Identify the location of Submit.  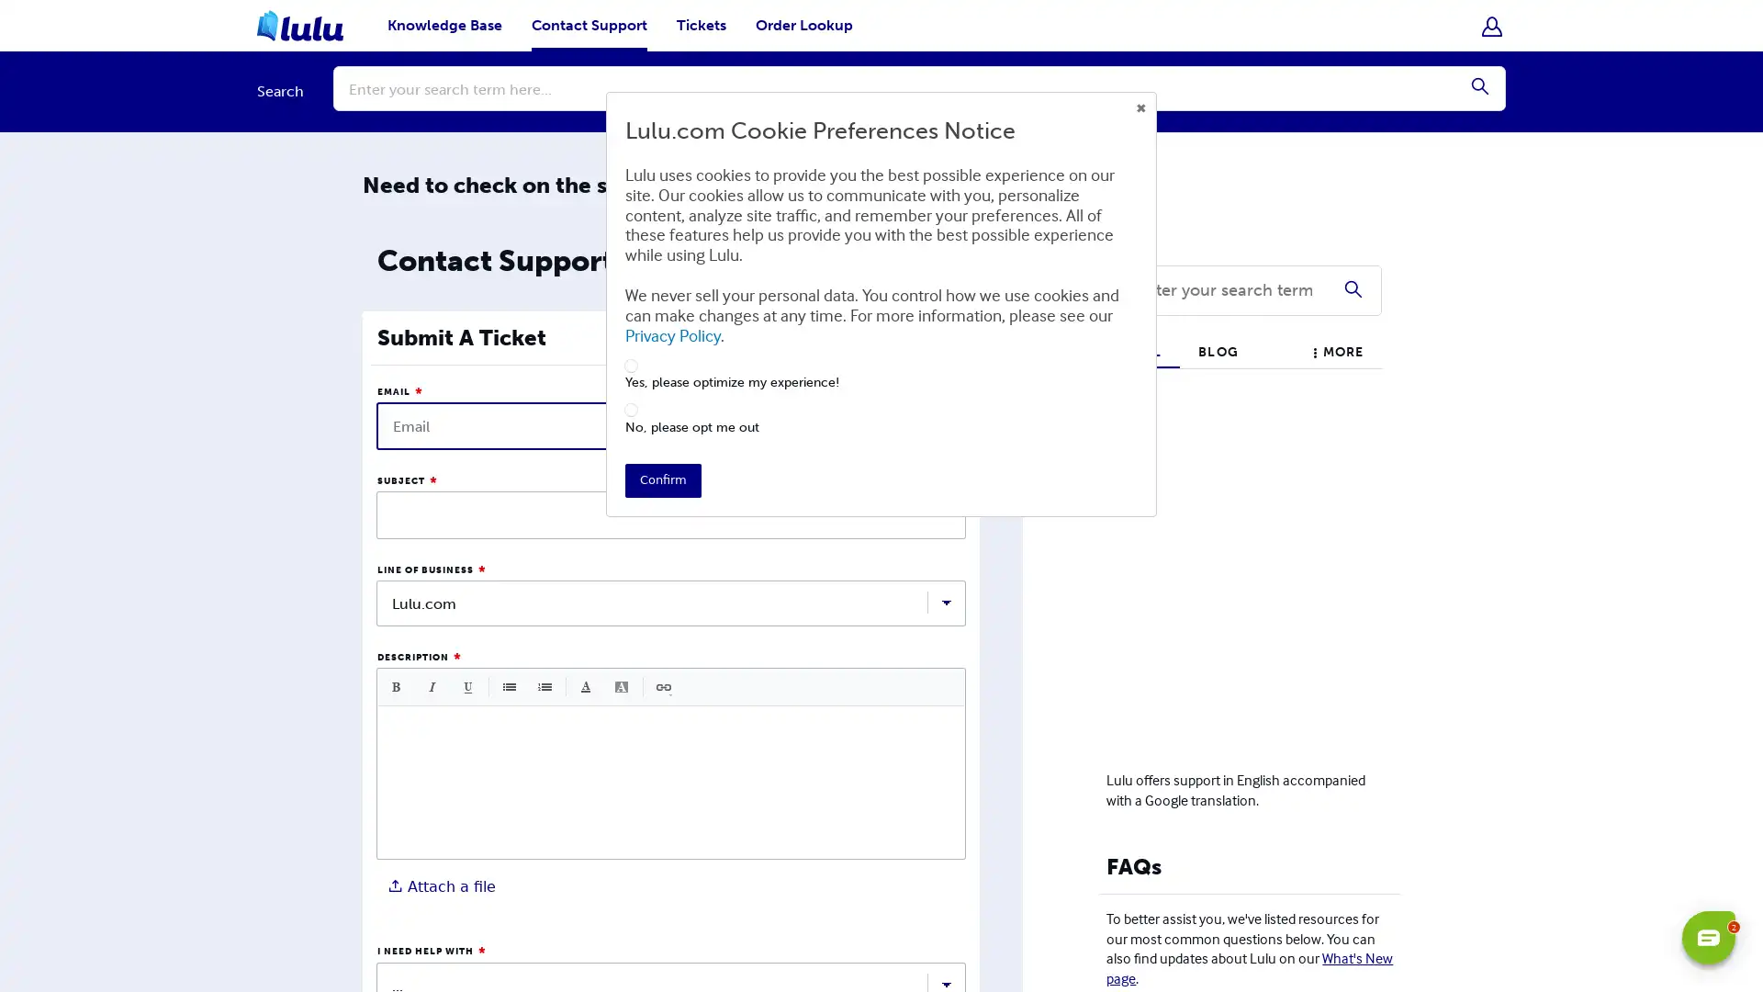
(1480, 88).